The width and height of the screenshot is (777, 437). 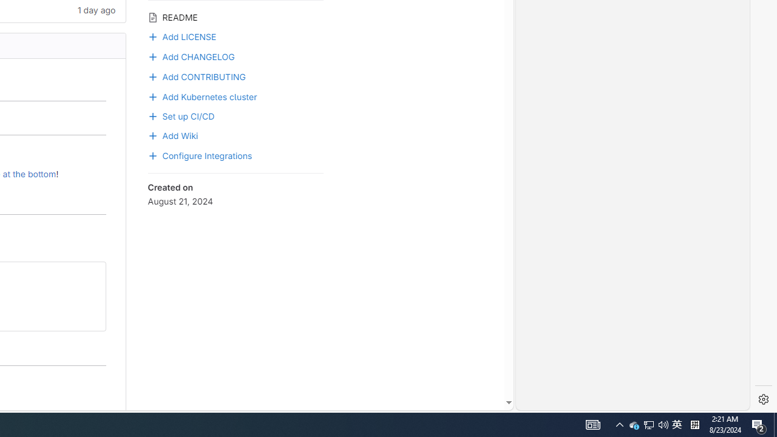 What do you see at coordinates (190, 55) in the screenshot?
I see `'Add CHANGELOG'` at bounding box center [190, 55].